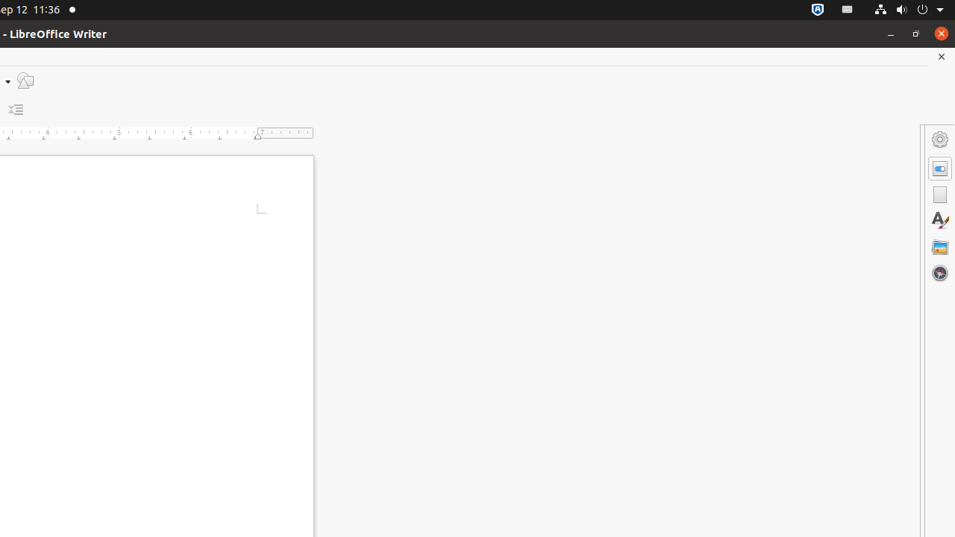 The width and height of the screenshot is (955, 537). What do you see at coordinates (939, 168) in the screenshot?
I see `'Properties'` at bounding box center [939, 168].